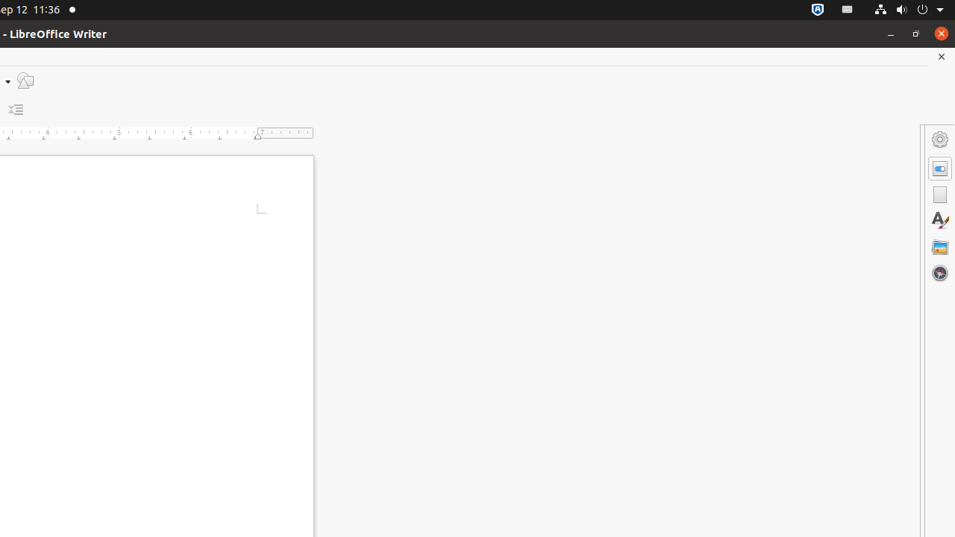 The width and height of the screenshot is (955, 537). What do you see at coordinates (939, 168) in the screenshot?
I see `'Properties'` at bounding box center [939, 168].